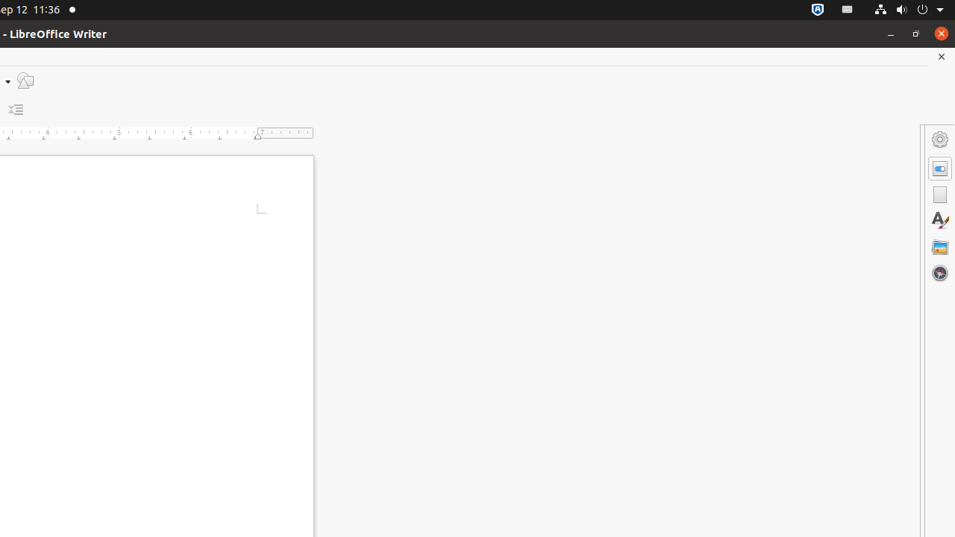 The width and height of the screenshot is (955, 537). What do you see at coordinates (939, 168) in the screenshot?
I see `'Properties'` at bounding box center [939, 168].